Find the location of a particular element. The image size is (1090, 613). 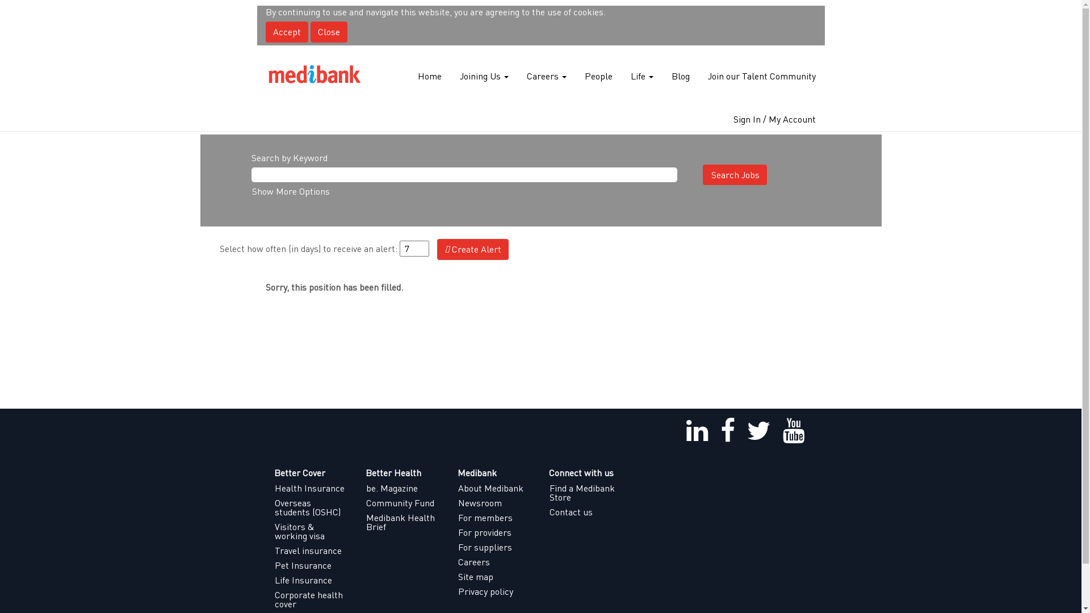

'be. Magazine' is located at coordinates (403, 488).